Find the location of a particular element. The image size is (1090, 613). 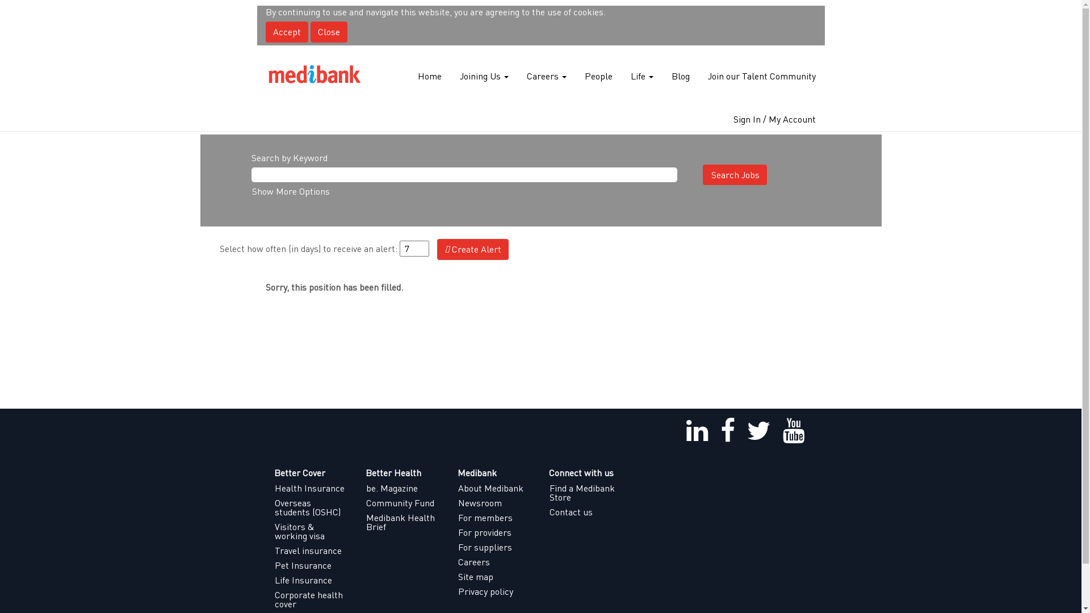

'be. Magazine' is located at coordinates (403, 488).